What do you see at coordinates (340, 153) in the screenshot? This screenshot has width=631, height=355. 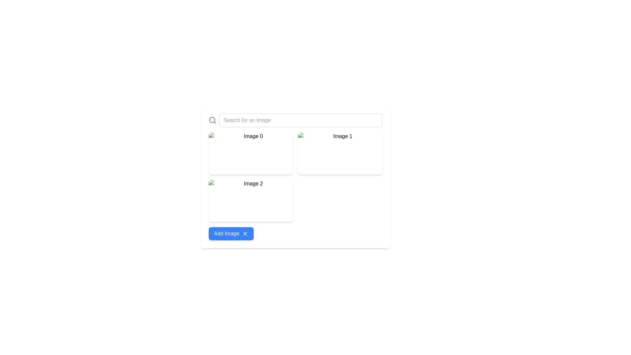 I see `the image located in the top-right corner of a two-column grid layout` at bounding box center [340, 153].